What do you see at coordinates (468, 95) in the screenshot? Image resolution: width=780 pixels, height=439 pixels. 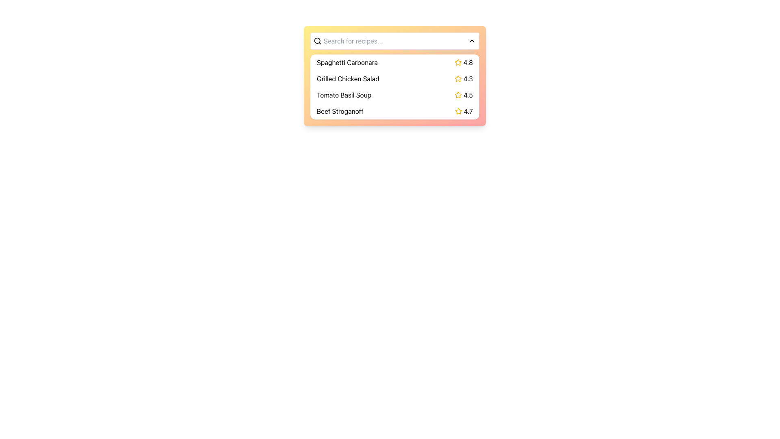 I see `text element displaying the numeric value '4.5', which is positioned adjacent to a yellow star icon and aligned with 'Tomato Basil Soup' in the dropdown list` at bounding box center [468, 95].